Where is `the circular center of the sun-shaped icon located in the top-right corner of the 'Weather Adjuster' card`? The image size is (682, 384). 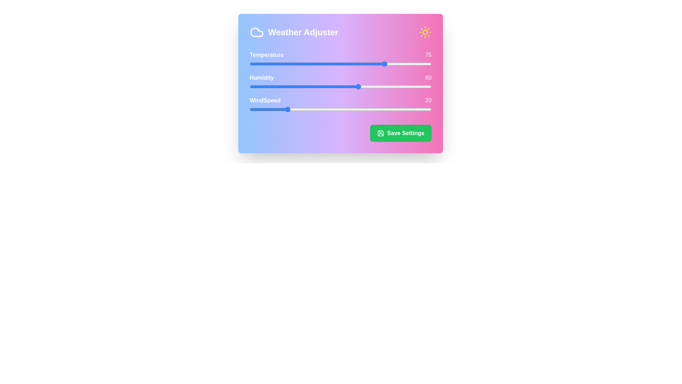 the circular center of the sun-shaped icon located in the top-right corner of the 'Weather Adjuster' card is located at coordinates (425, 32).